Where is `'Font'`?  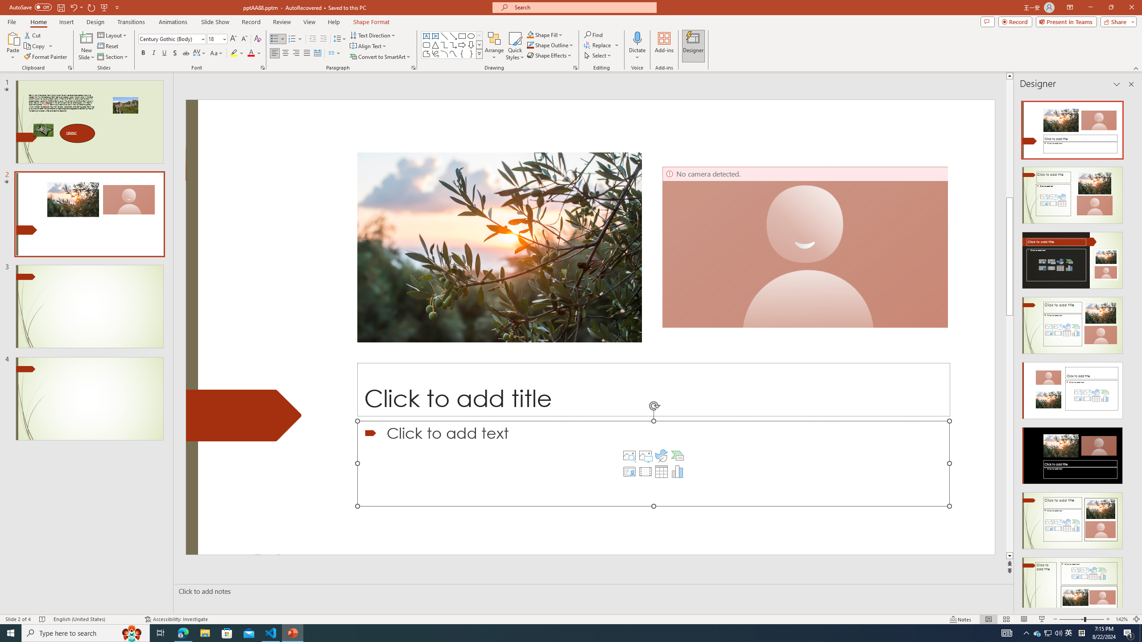 'Font' is located at coordinates (171, 39).